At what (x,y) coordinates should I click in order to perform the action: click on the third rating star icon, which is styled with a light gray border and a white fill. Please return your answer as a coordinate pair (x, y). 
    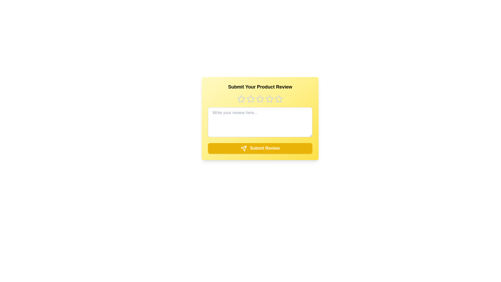
    Looking at the image, I should click on (269, 99).